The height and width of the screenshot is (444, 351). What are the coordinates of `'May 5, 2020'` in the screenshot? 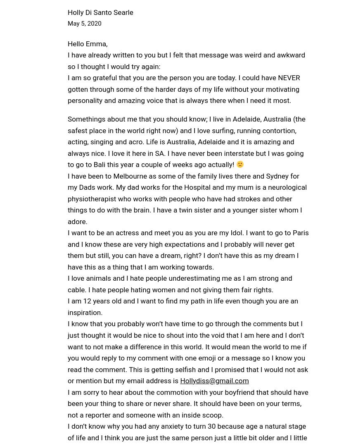 It's located at (84, 23).